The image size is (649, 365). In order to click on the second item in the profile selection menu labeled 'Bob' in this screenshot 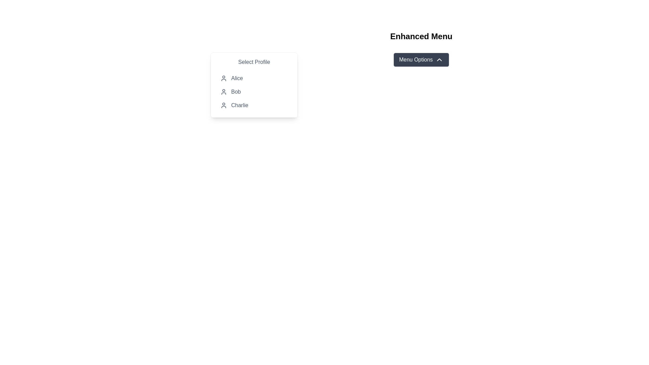, I will do `click(230, 92)`.